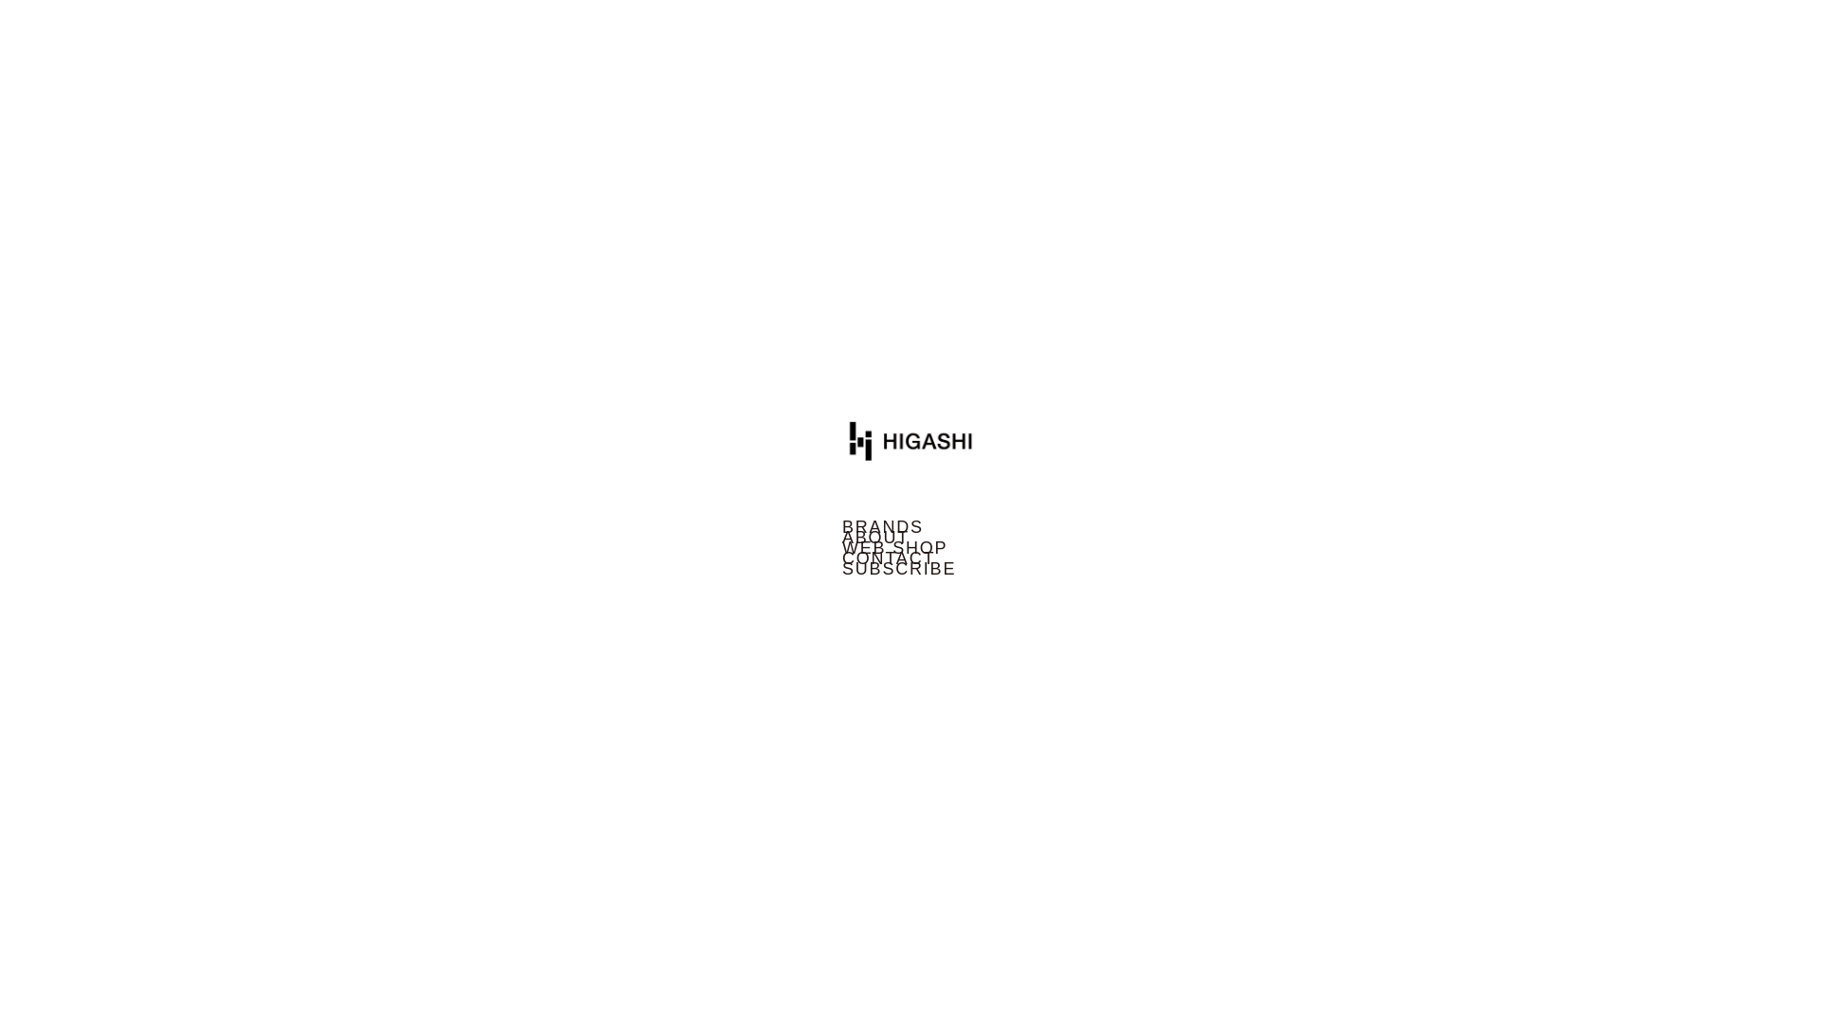  What do you see at coordinates (910, 558) in the screenshot?
I see `'CONTACT'` at bounding box center [910, 558].